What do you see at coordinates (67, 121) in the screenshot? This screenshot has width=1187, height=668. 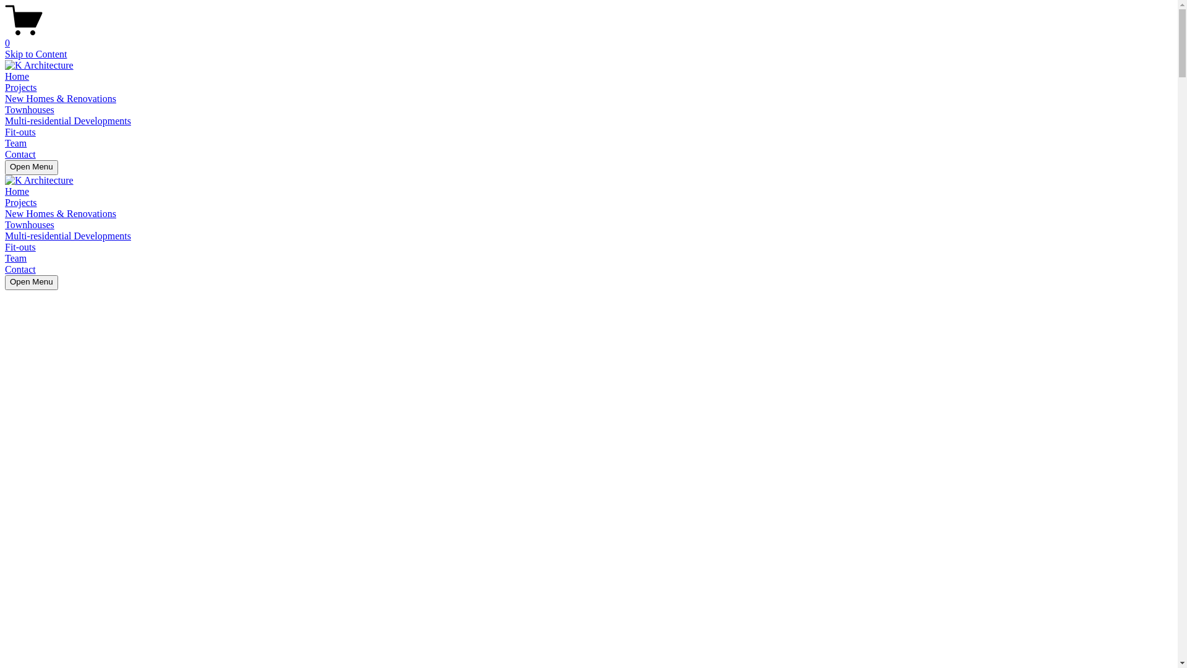 I see `'Multi-residential Developments'` at bounding box center [67, 121].